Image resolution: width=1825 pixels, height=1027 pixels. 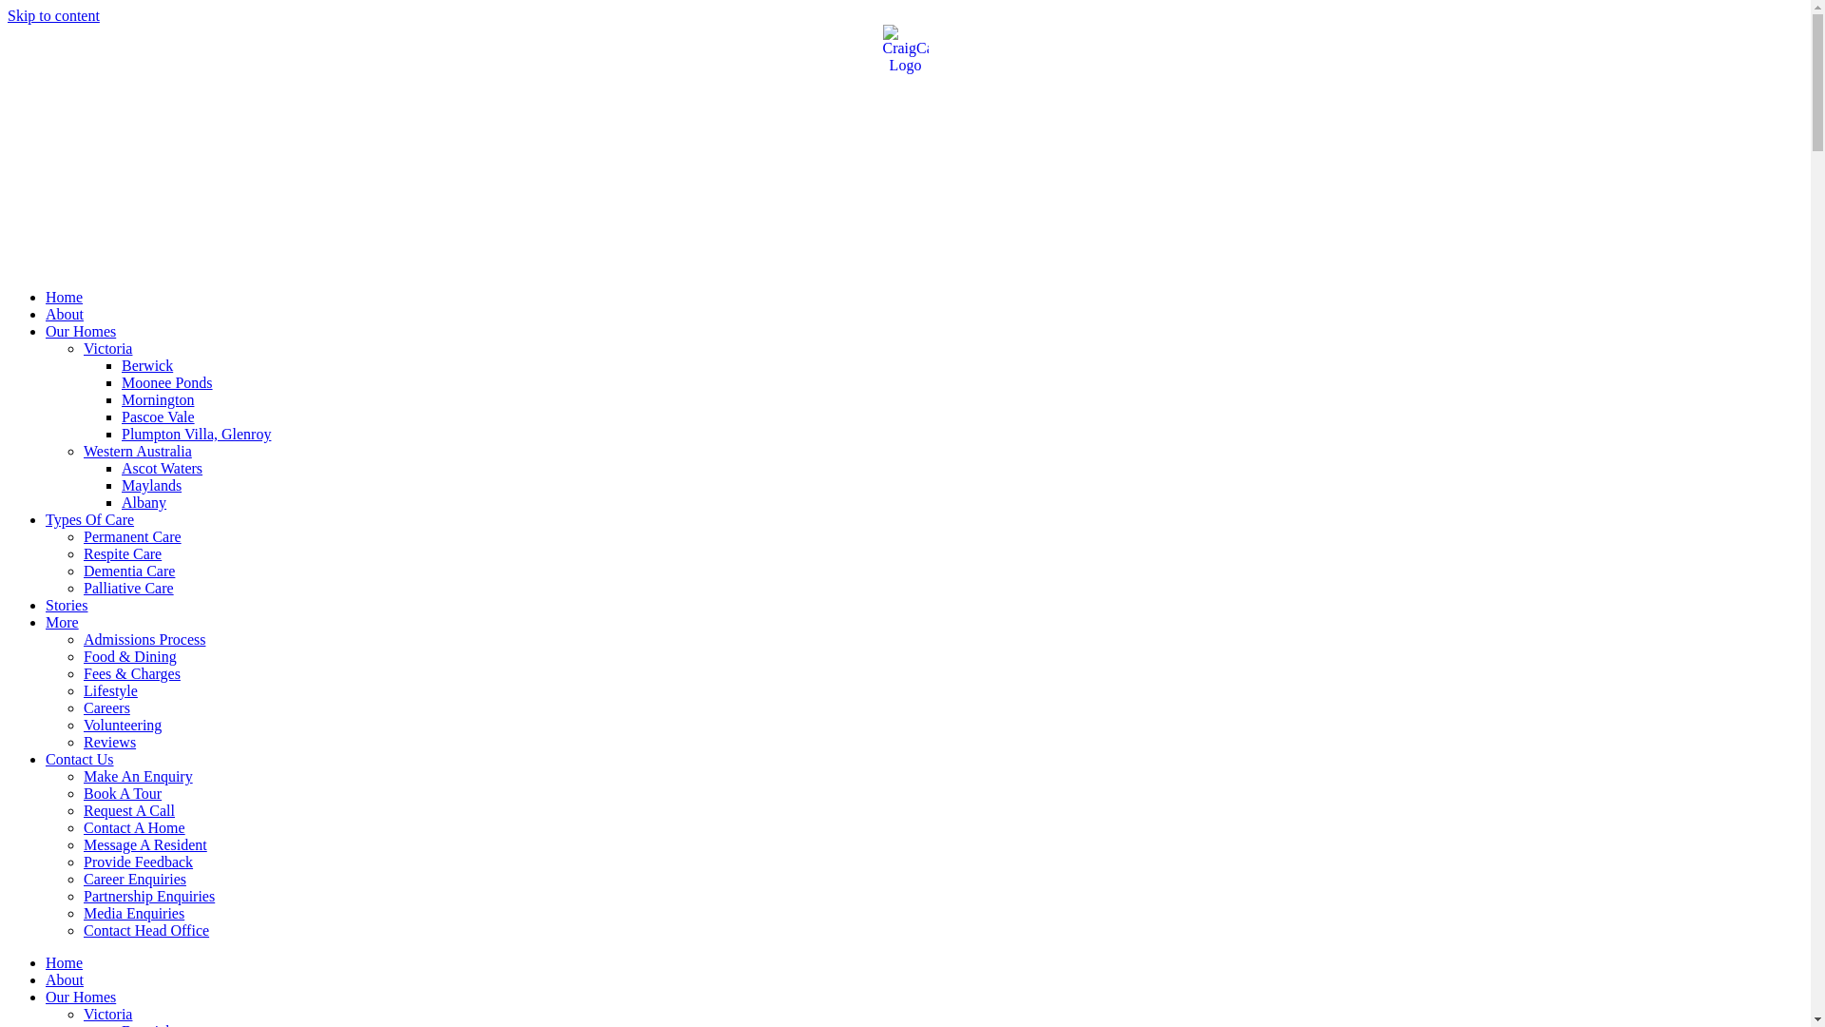 I want to click on 'Home', so click(x=64, y=962).